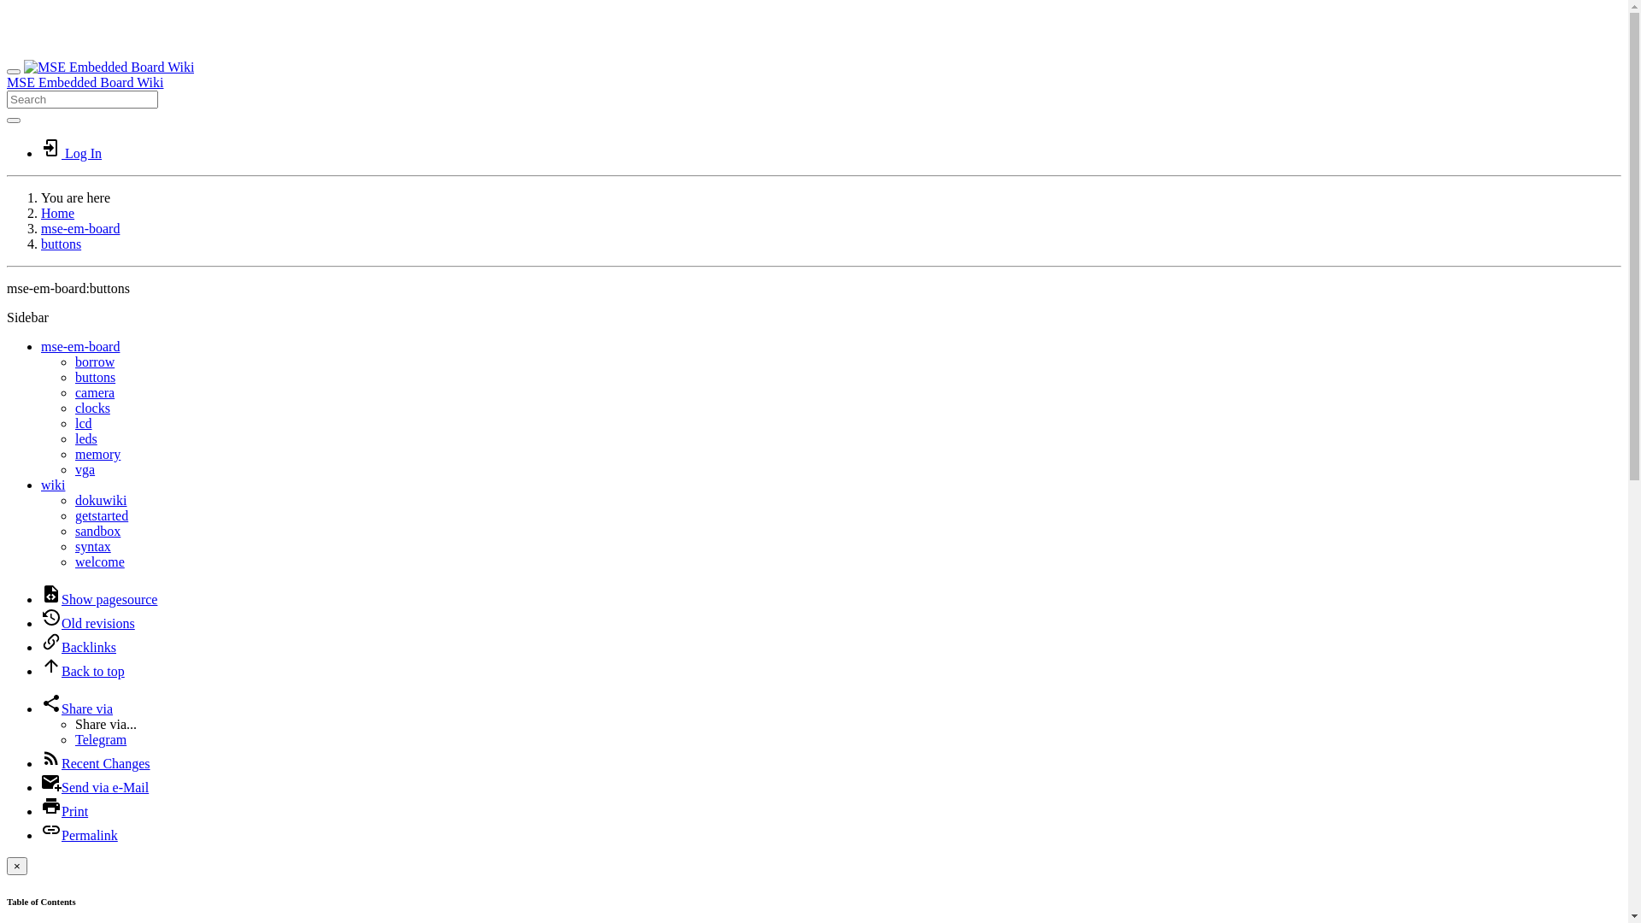  Describe the element at coordinates (74, 469) in the screenshot. I see `'vga'` at that location.